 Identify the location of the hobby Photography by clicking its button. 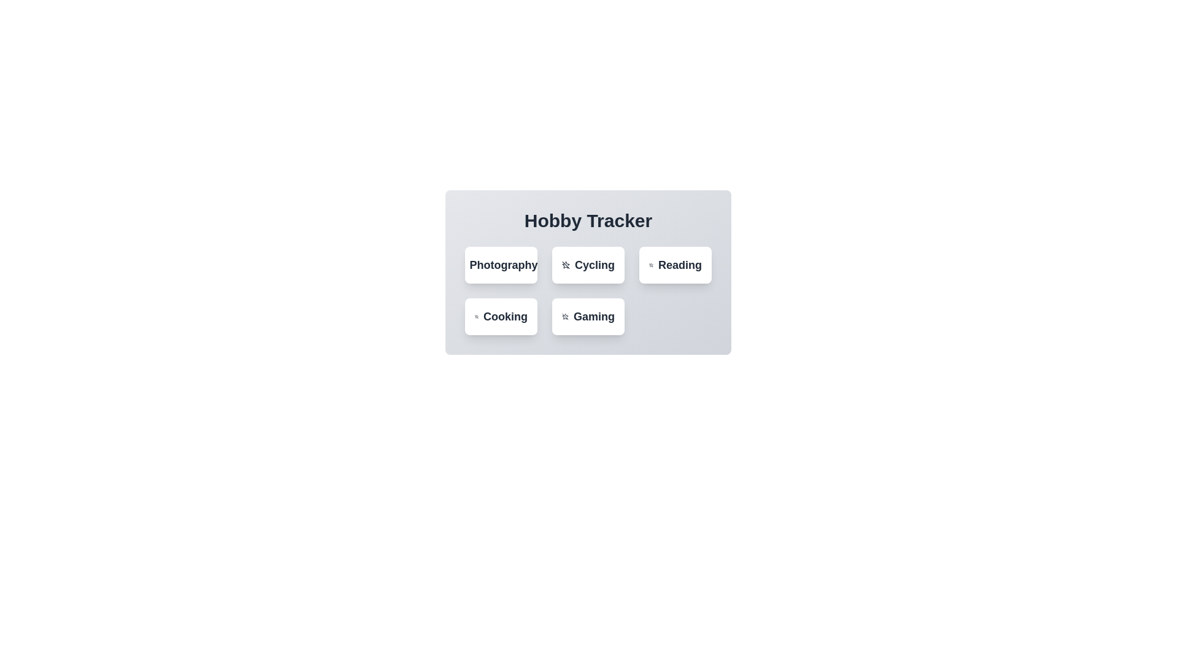
(501, 265).